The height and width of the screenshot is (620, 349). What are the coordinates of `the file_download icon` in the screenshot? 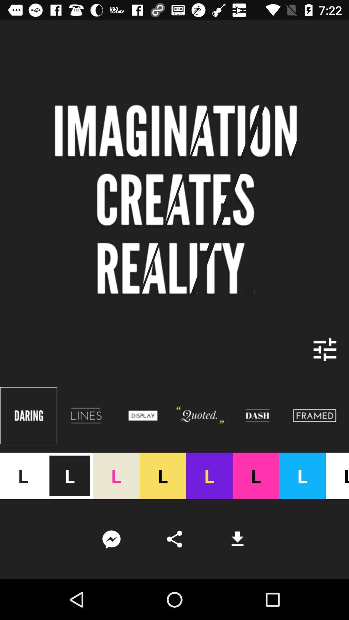 It's located at (238, 539).